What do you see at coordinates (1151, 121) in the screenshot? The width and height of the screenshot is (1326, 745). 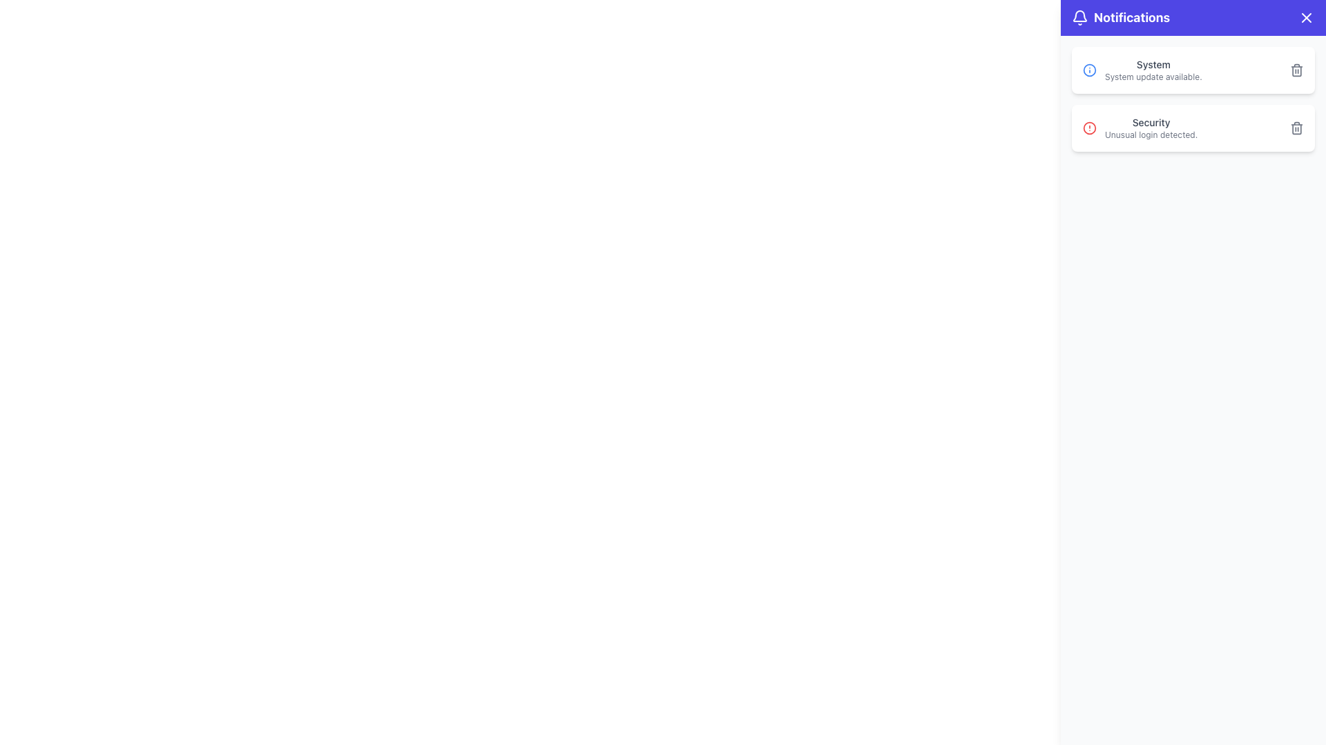 I see `the text label indicating 'Security - Unusual login detected' at the top of the second notification entry in the 'Notifications' panel` at bounding box center [1151, 121].